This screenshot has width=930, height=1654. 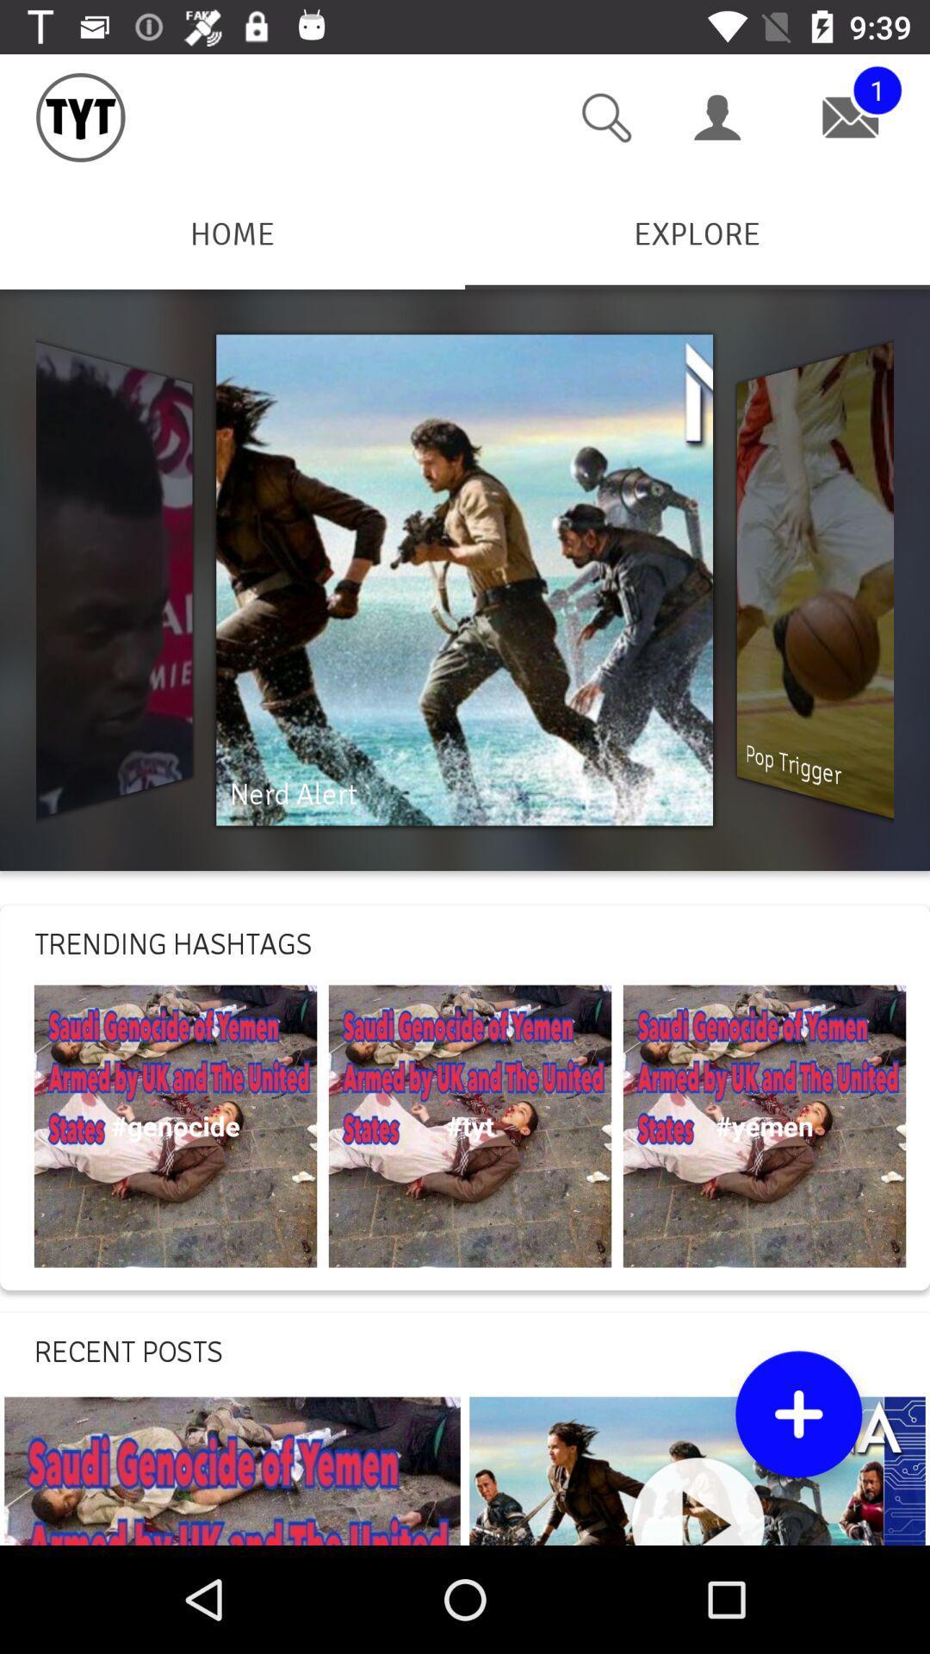 I want to click on the add icon, so click(x=798, y=1414).